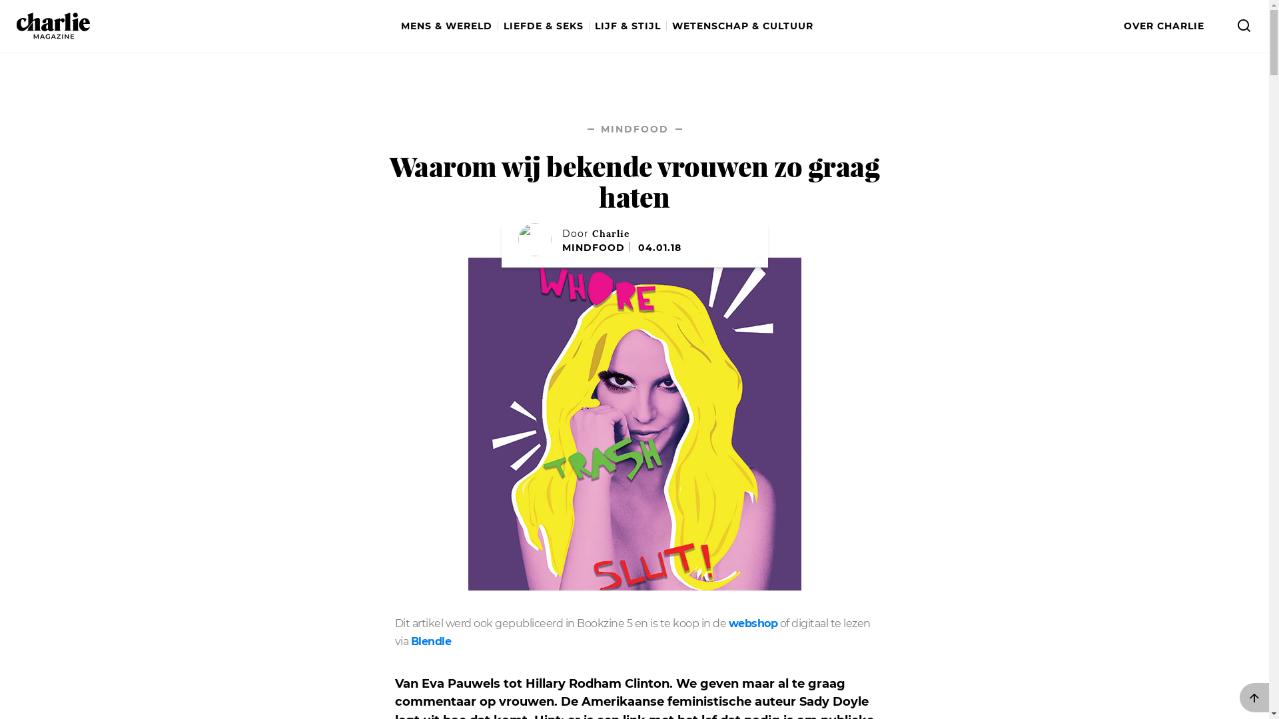 The width and height of the screenshot is (1279, 719). What do you see at coordinates (16, 25) in the screenshot?
I see `'Charlie magazine'` at bounding box center [16, 25].